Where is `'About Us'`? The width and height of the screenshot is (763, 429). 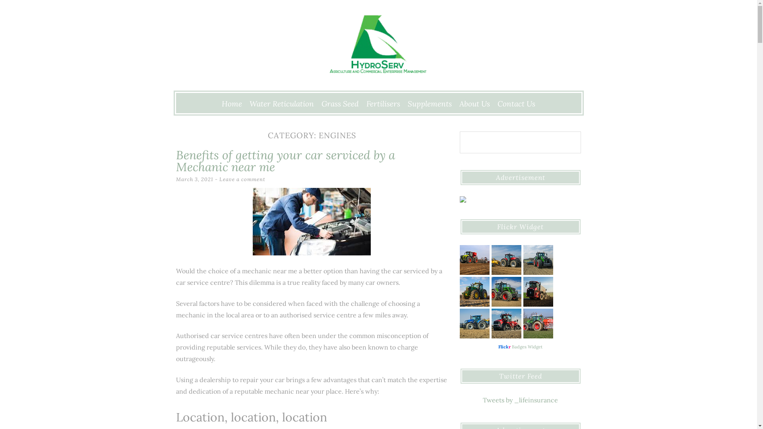
'About Us' is located at coordinates (474, 103).